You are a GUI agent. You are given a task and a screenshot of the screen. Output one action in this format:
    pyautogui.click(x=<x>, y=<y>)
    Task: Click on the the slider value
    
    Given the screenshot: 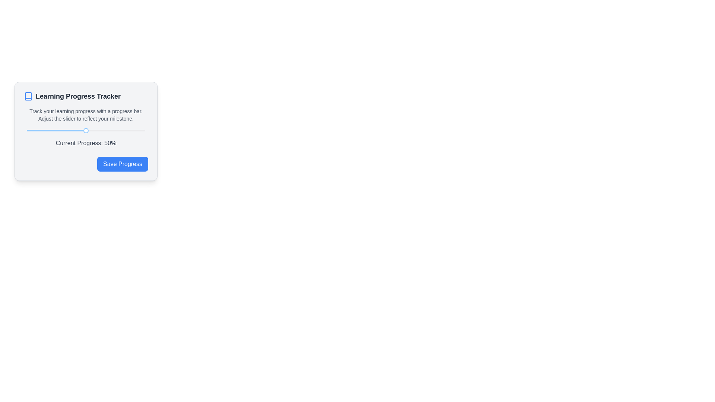 What is the action you would take?
    pyautogui.click(x=68, y=130)
    